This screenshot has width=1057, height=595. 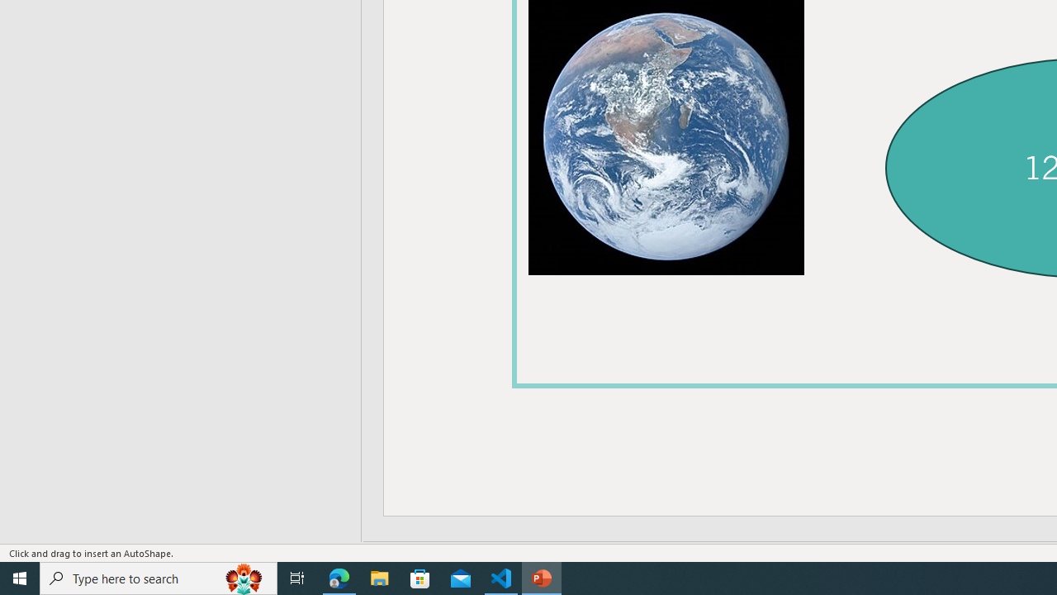 What do you see at coordinates (339, 577) in the screenshot?
I see `'Microsoft Edge - 1 running window'` at bounding box center [339, 577].